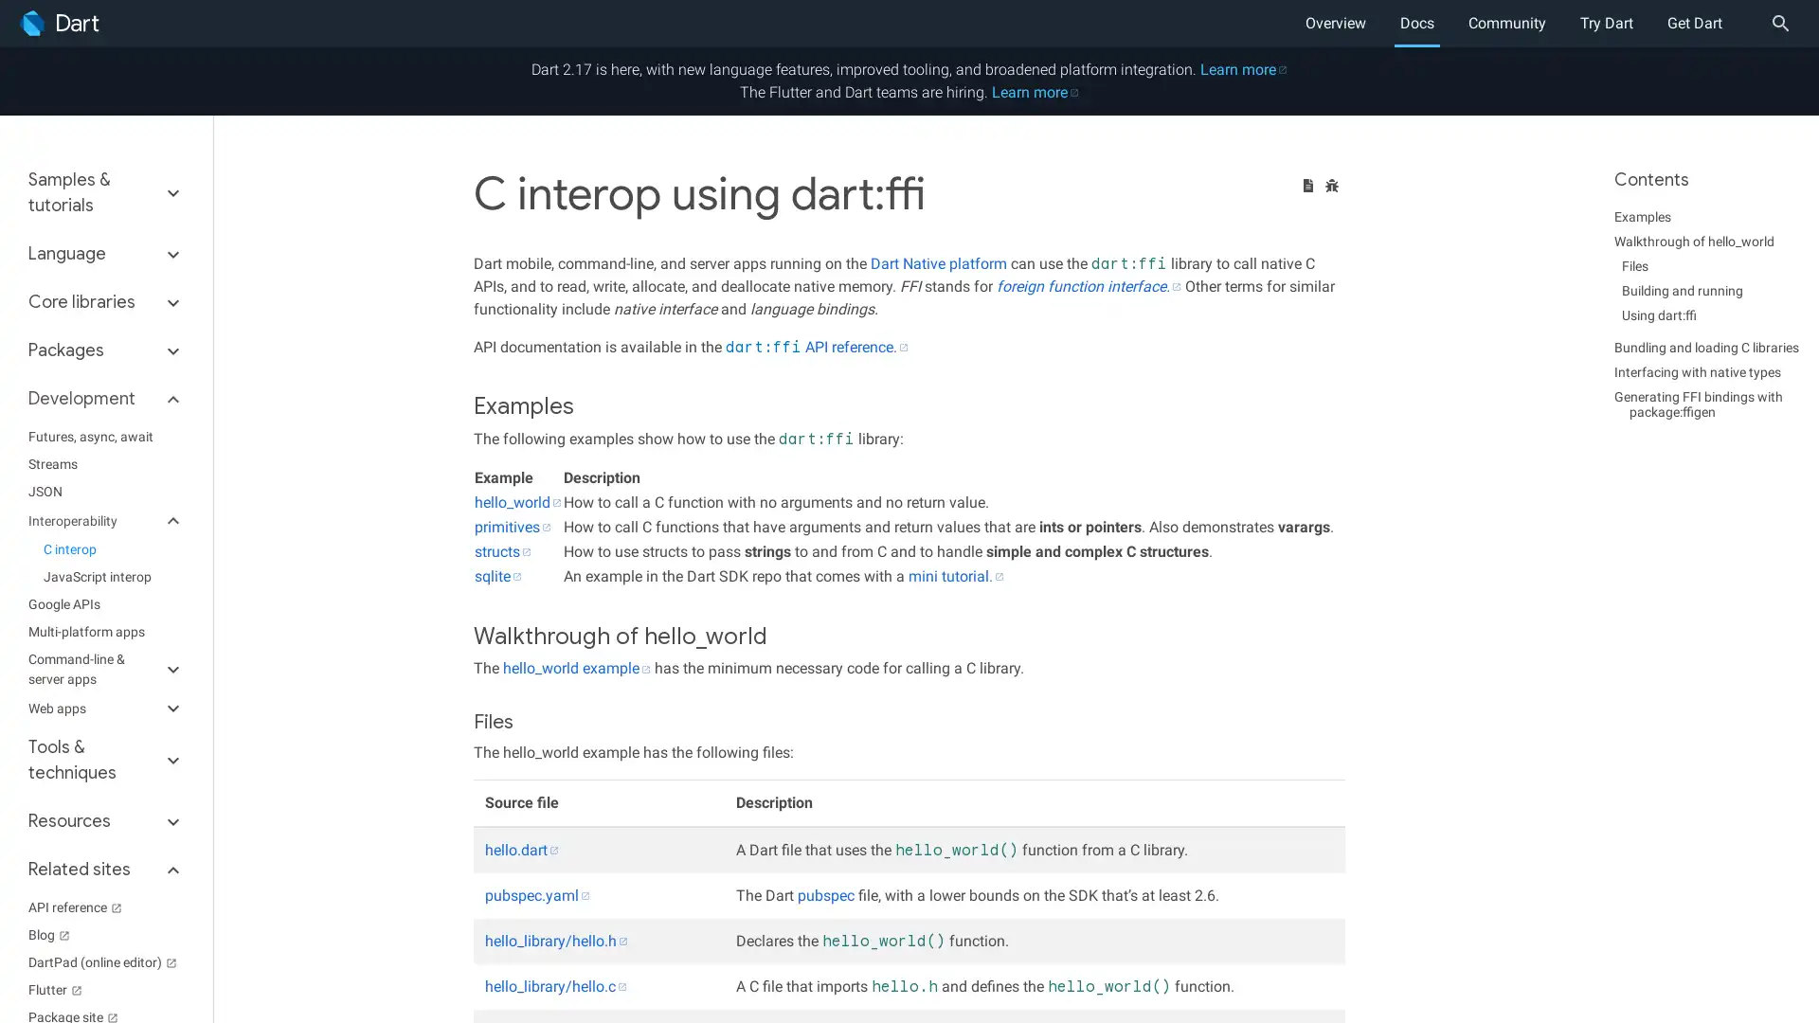  What do you see at coordinates (105, 350) in the screenshot?
I see `Packages keyboard_arrow_down` at bounding box center [105, 350].